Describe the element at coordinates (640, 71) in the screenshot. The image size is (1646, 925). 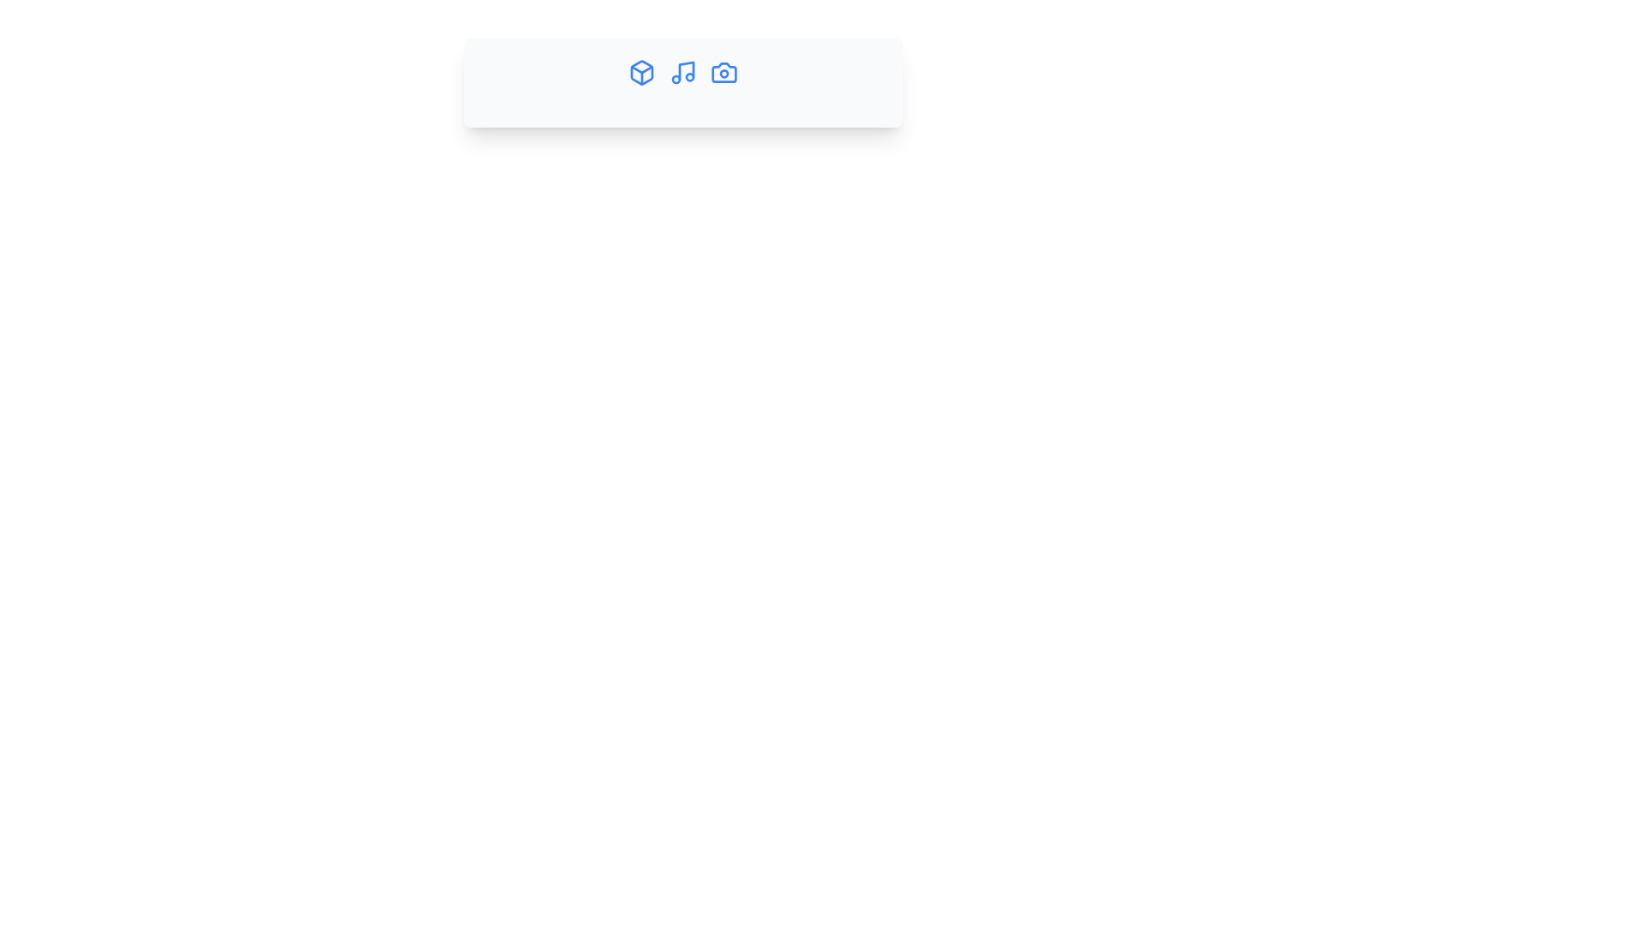
I see `the first SVG Icon in a row of three icons to scale it up` at that location.